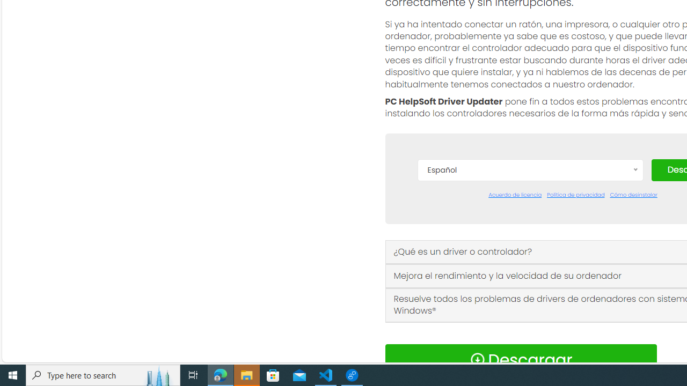 The image size is (687, 386). I want to click on 'Norsk', so click(530, 350).